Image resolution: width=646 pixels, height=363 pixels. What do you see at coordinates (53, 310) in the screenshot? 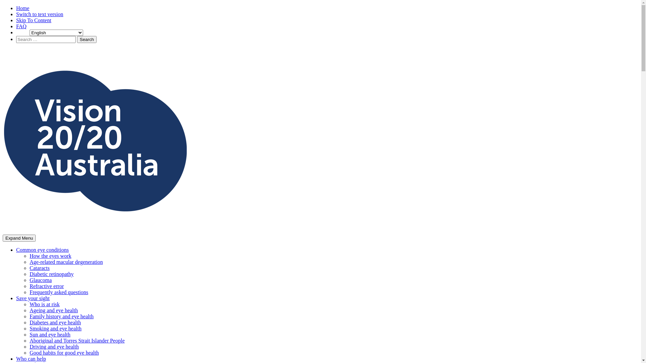
I see `'Ageing and eye health'` at bounding box center [53, 310].